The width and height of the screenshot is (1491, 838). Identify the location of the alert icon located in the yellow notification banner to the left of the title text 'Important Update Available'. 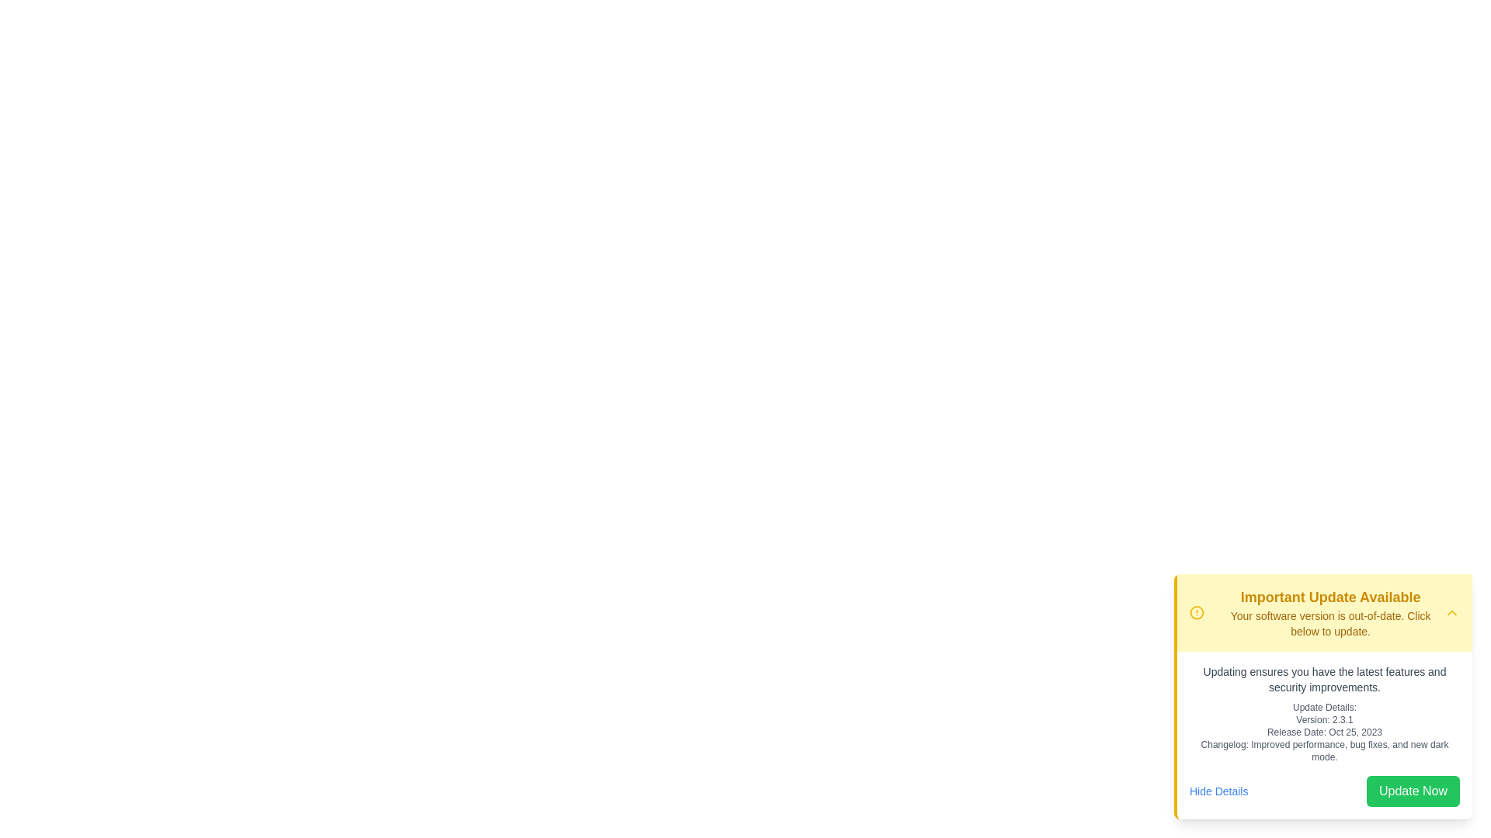
(1196, 612).